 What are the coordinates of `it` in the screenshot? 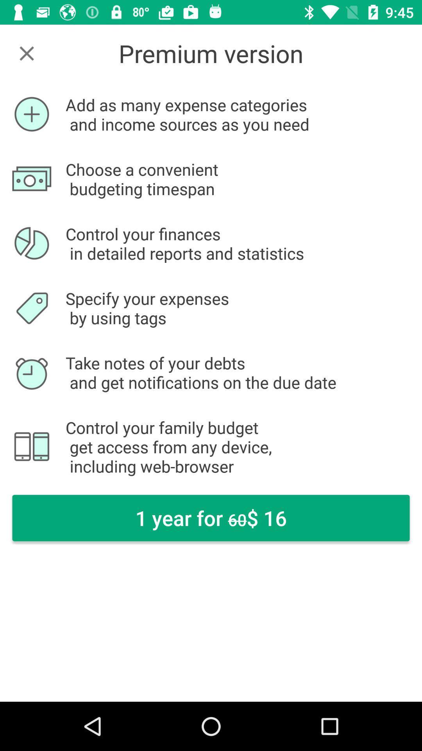 It's located at (26, 53).